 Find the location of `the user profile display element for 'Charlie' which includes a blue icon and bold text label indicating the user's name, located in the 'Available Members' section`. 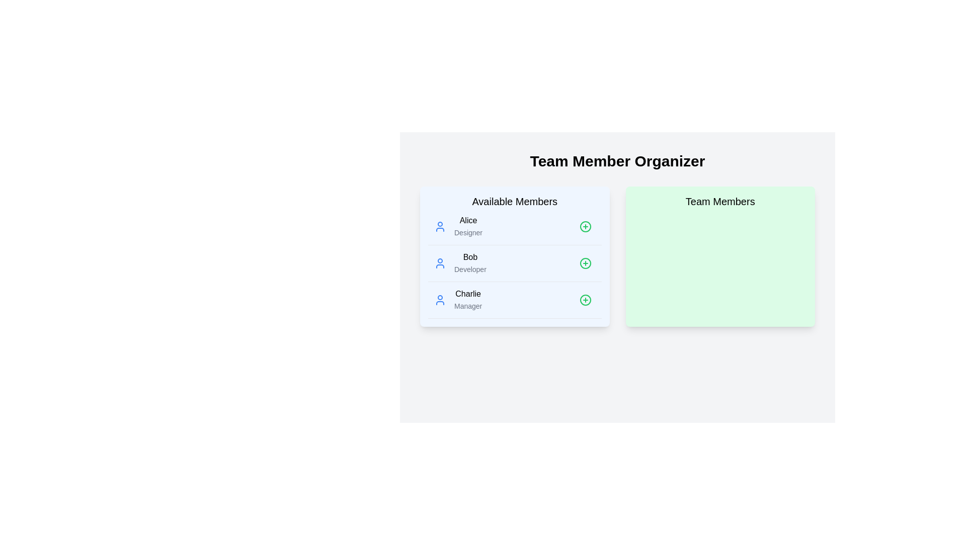

the user profile display element for 'Charlie' which includes a blue icon and bold text label indicating the user's name, located in the 'Available Members' section is located at coordinates (457, 300).